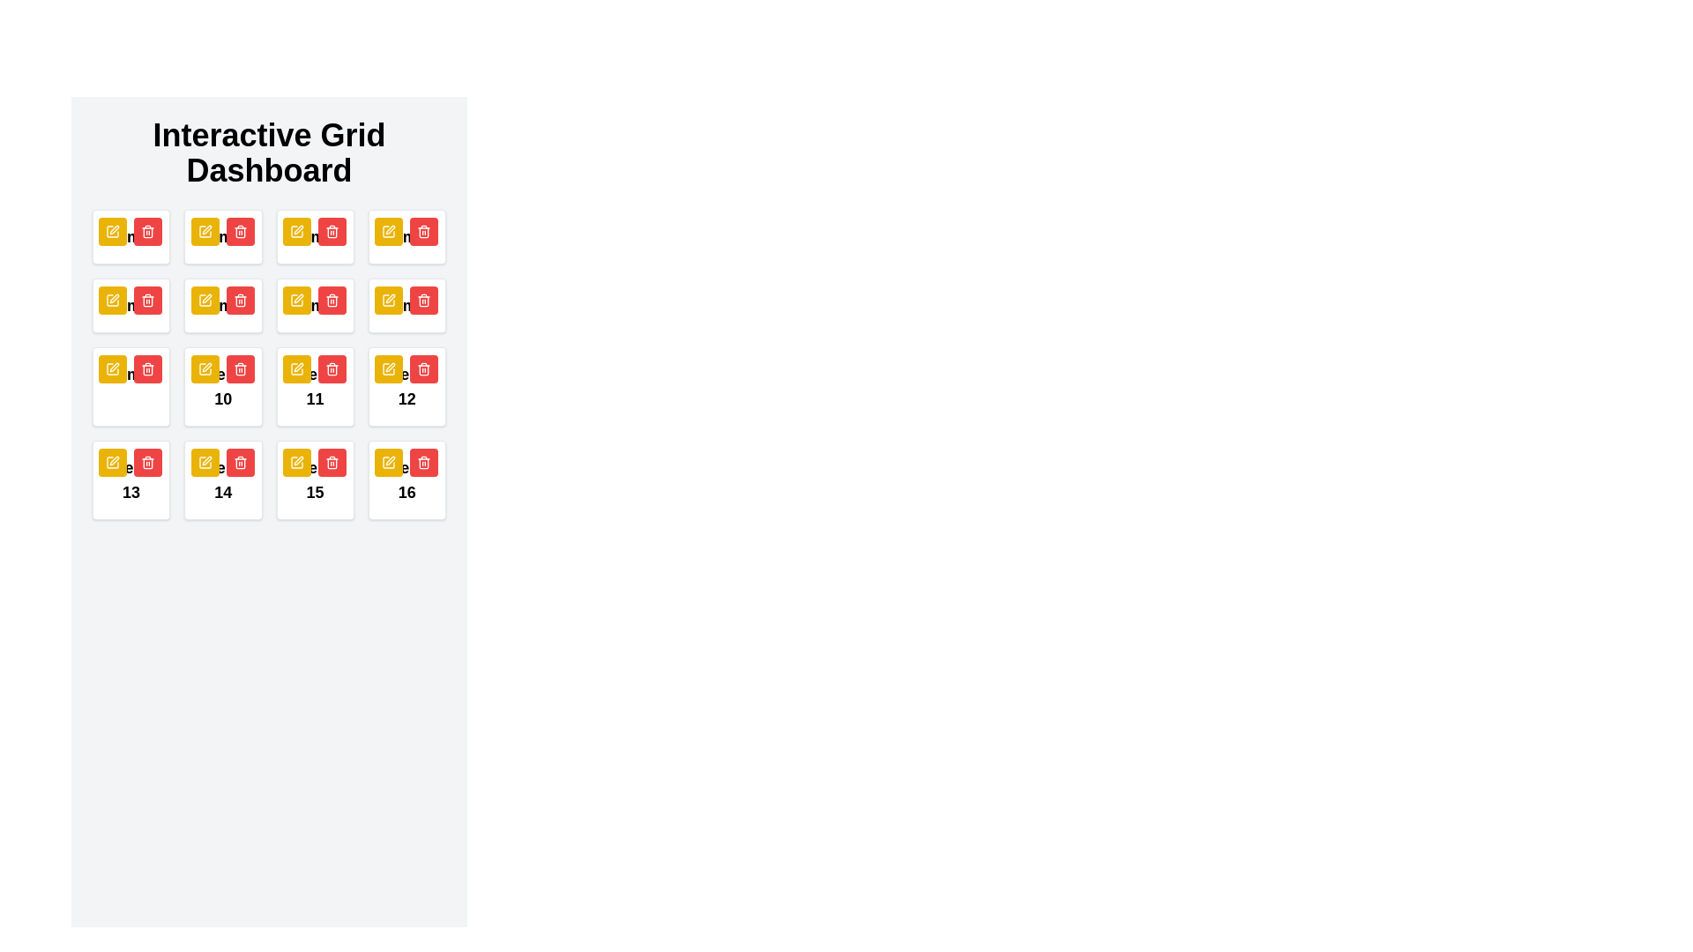  I want to click on the small, rounded, yellow icon button containing a pen-like graphic located in grid cell '11', so click(298, 366).